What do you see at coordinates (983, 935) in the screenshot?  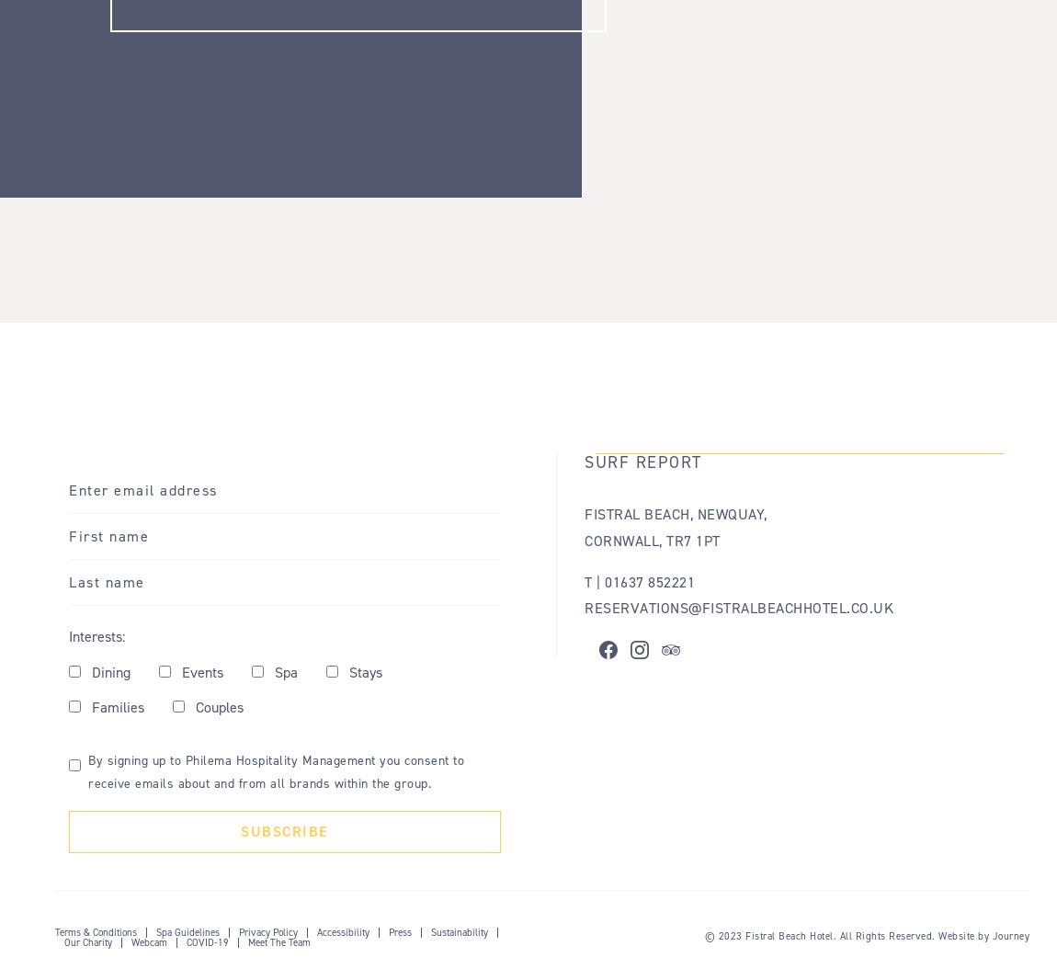 I see `'Website by Journey'` at bounding box center [983, 935].